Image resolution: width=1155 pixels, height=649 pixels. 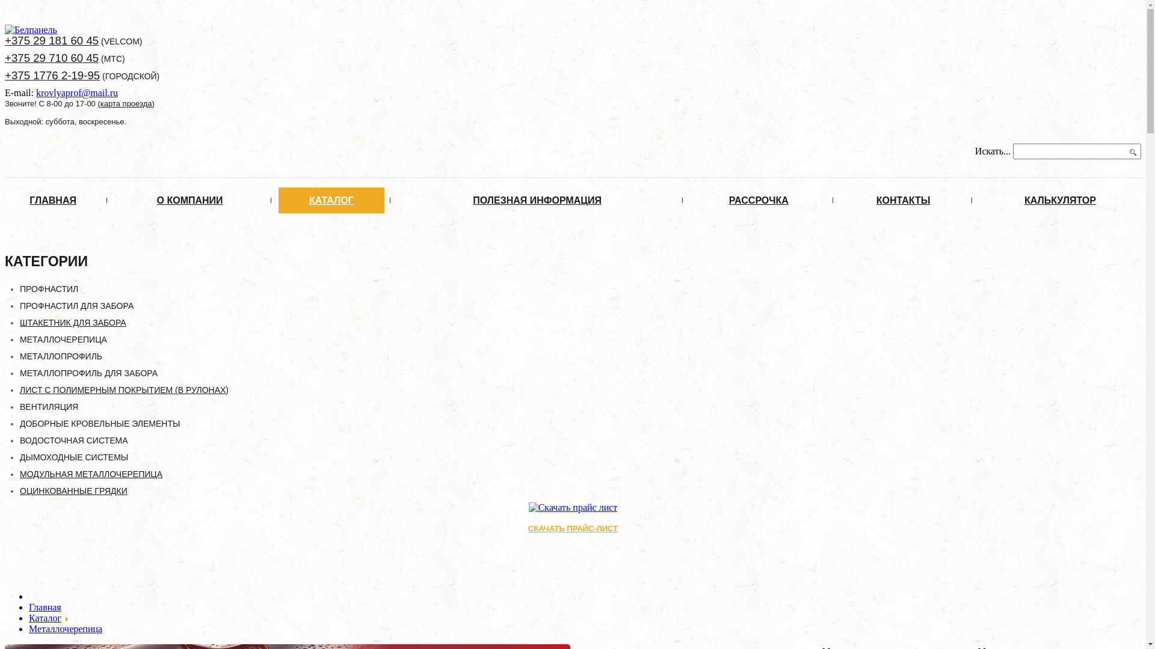 What do you see at coordinates (5, 58) in the screenshot?
I see `'+375 29 710 60 45'` at bounding box center [5, 58].